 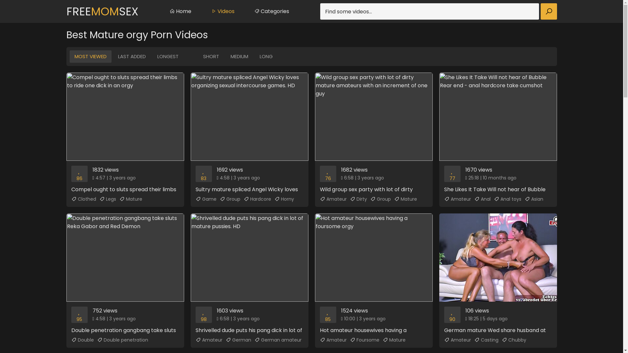 I want to click on 'Find', so click(x=548, y=11).